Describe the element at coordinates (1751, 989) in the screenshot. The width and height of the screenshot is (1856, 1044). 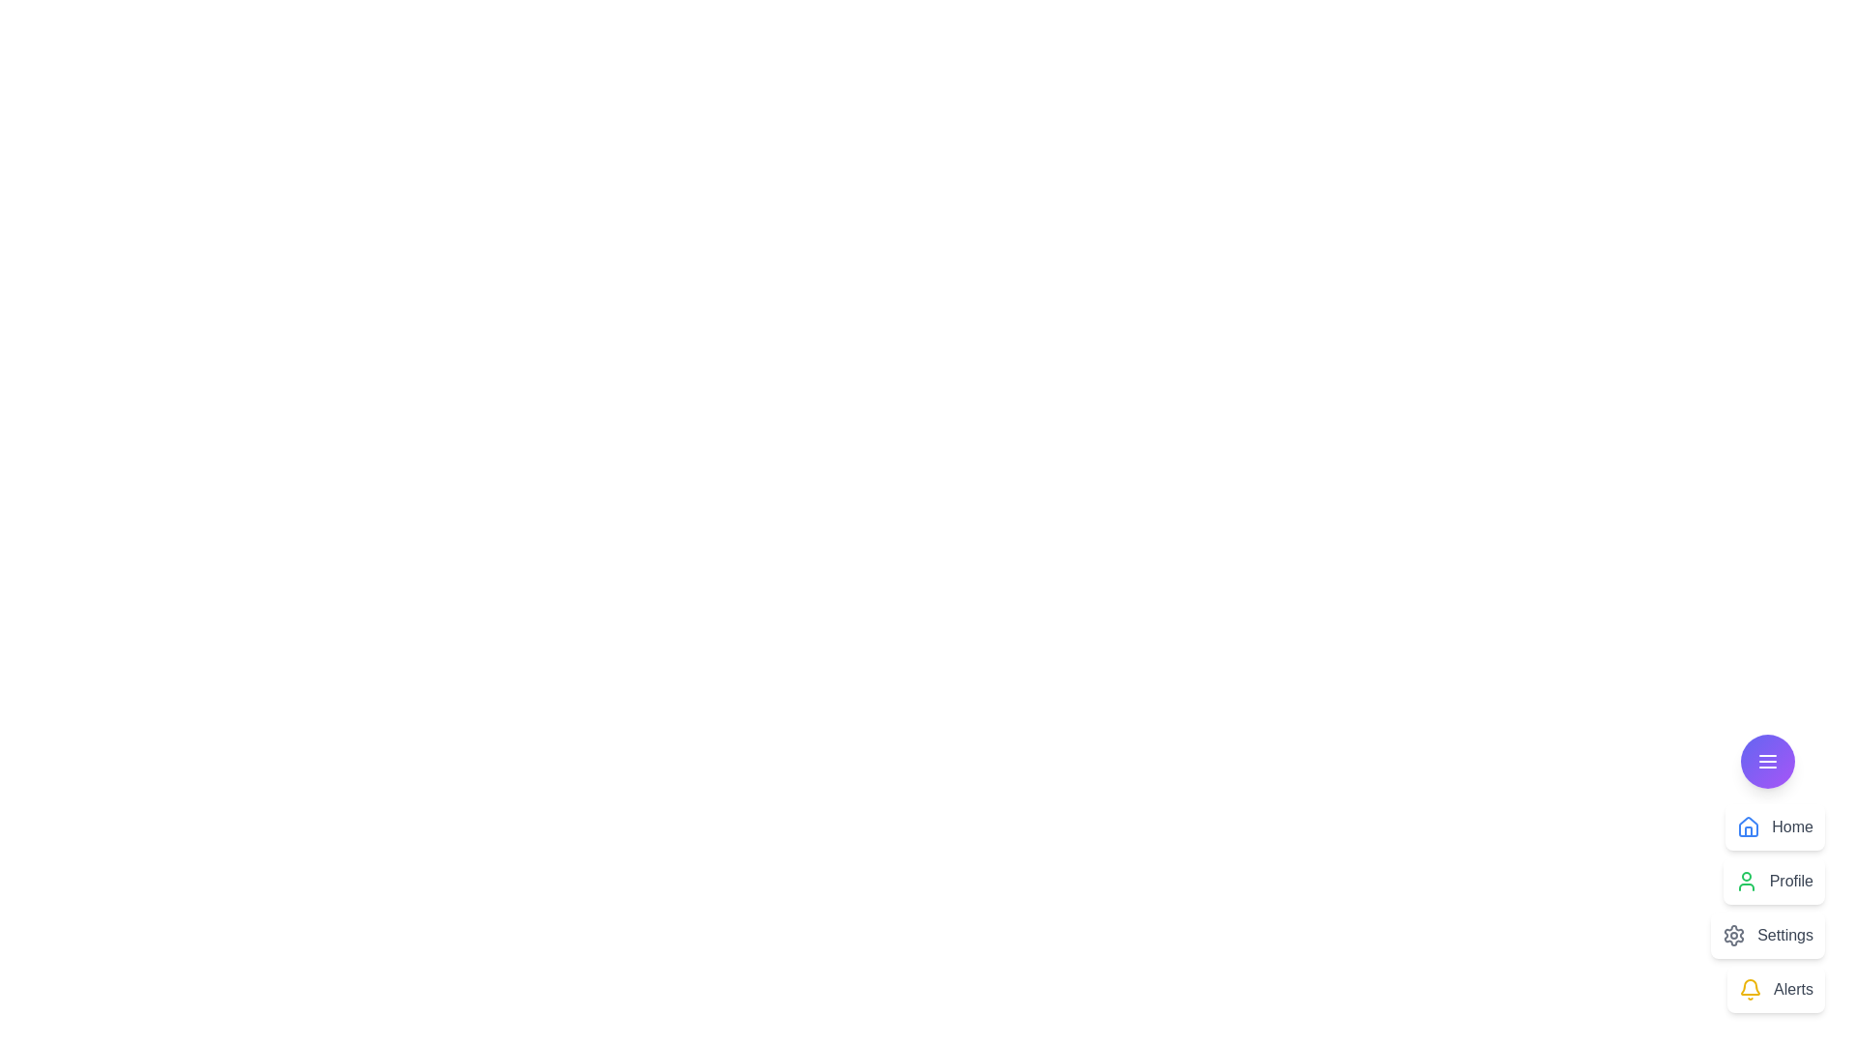
I see `the icon corresponding to Alerts in the CustomSpeedDial menu` at that location.